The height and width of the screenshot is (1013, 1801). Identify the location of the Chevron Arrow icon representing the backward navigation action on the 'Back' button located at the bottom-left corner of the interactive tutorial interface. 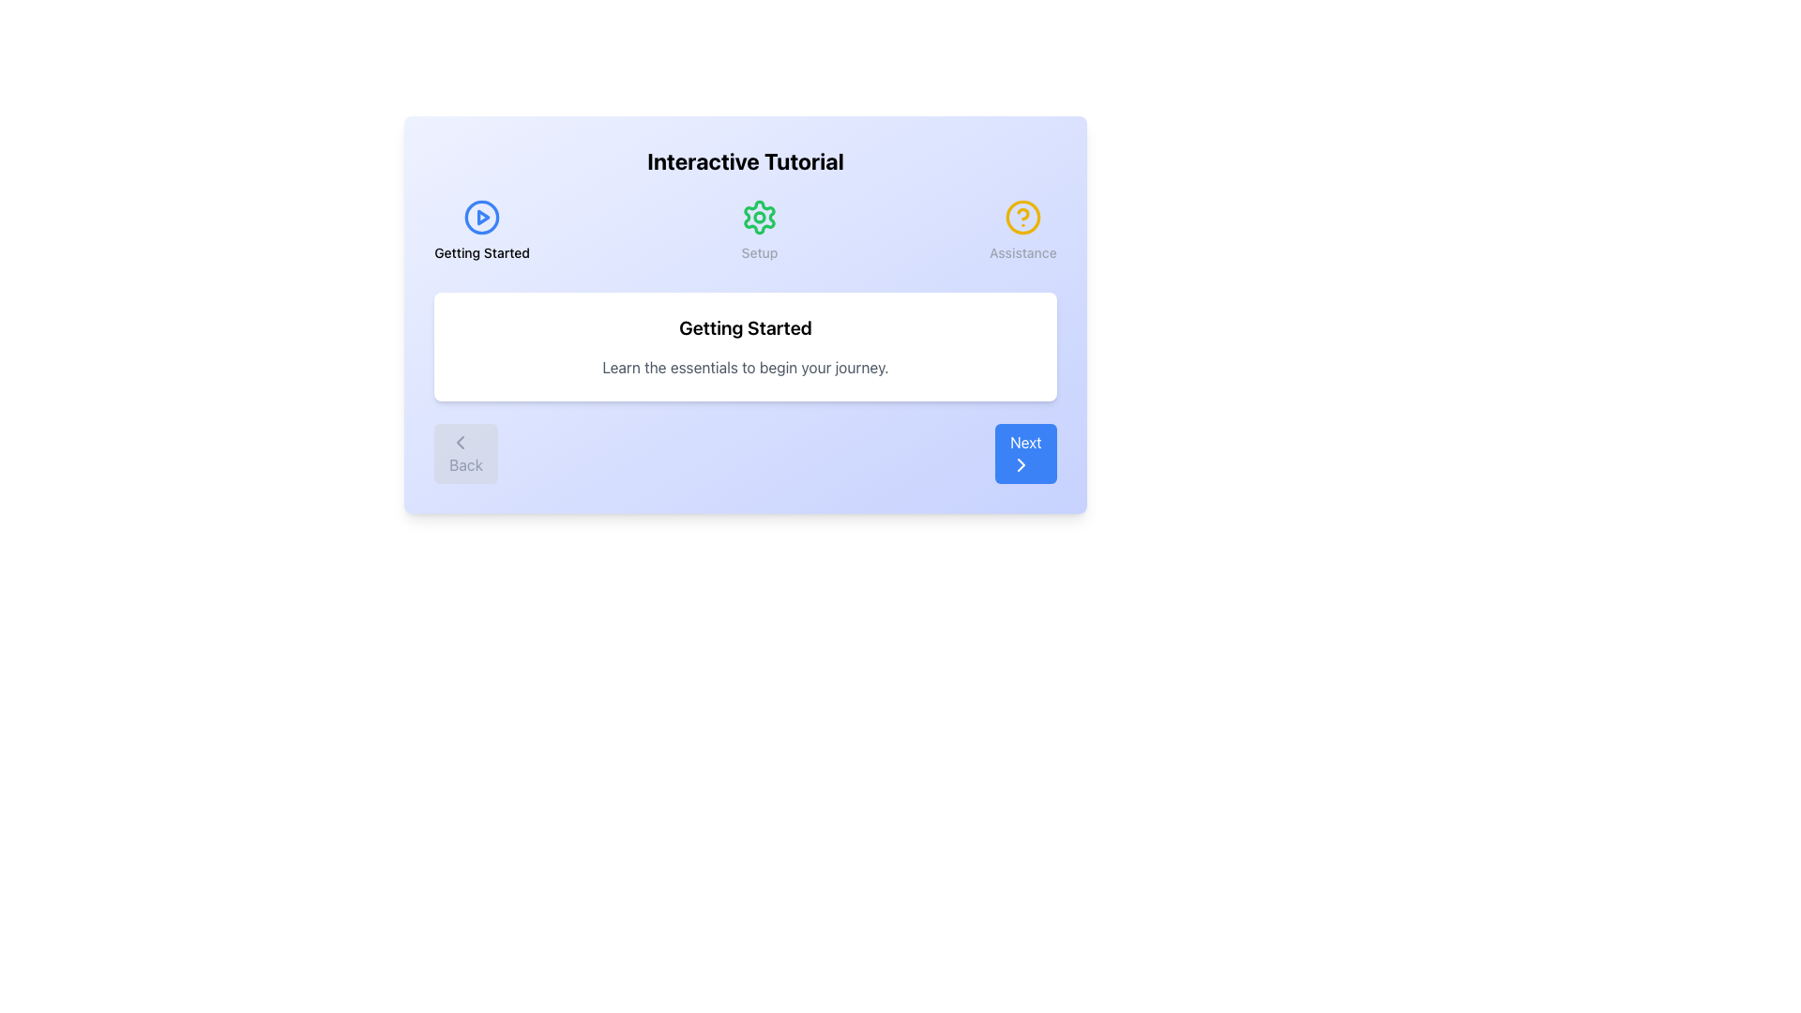
(461, 442).